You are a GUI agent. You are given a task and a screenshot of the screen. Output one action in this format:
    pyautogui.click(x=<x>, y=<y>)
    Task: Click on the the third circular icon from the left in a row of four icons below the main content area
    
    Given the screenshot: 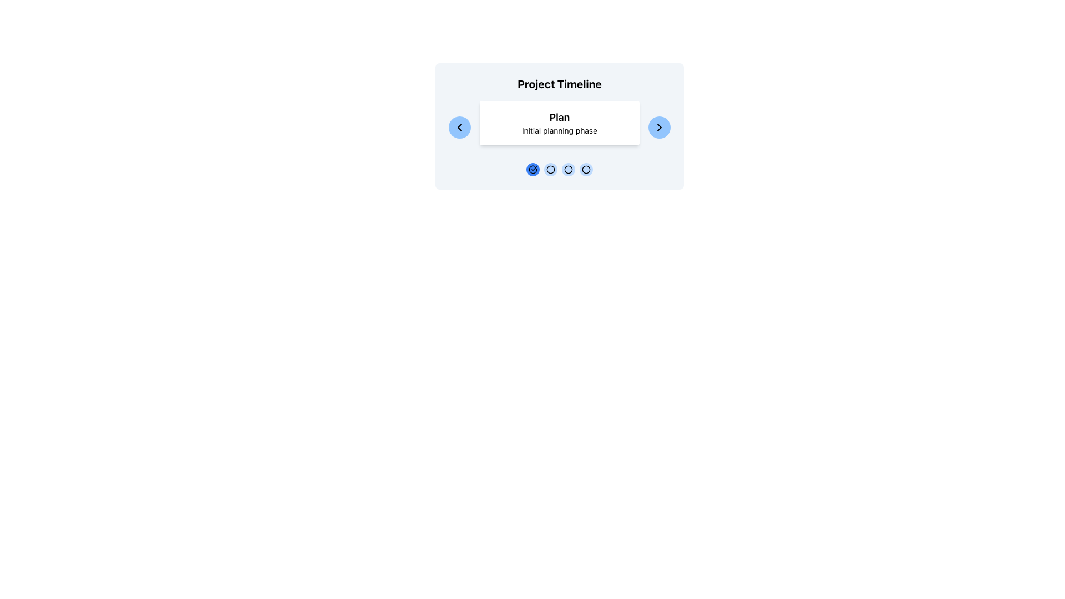 What is the action you would take?
    pyautogui.click(x=569, y=169)
    